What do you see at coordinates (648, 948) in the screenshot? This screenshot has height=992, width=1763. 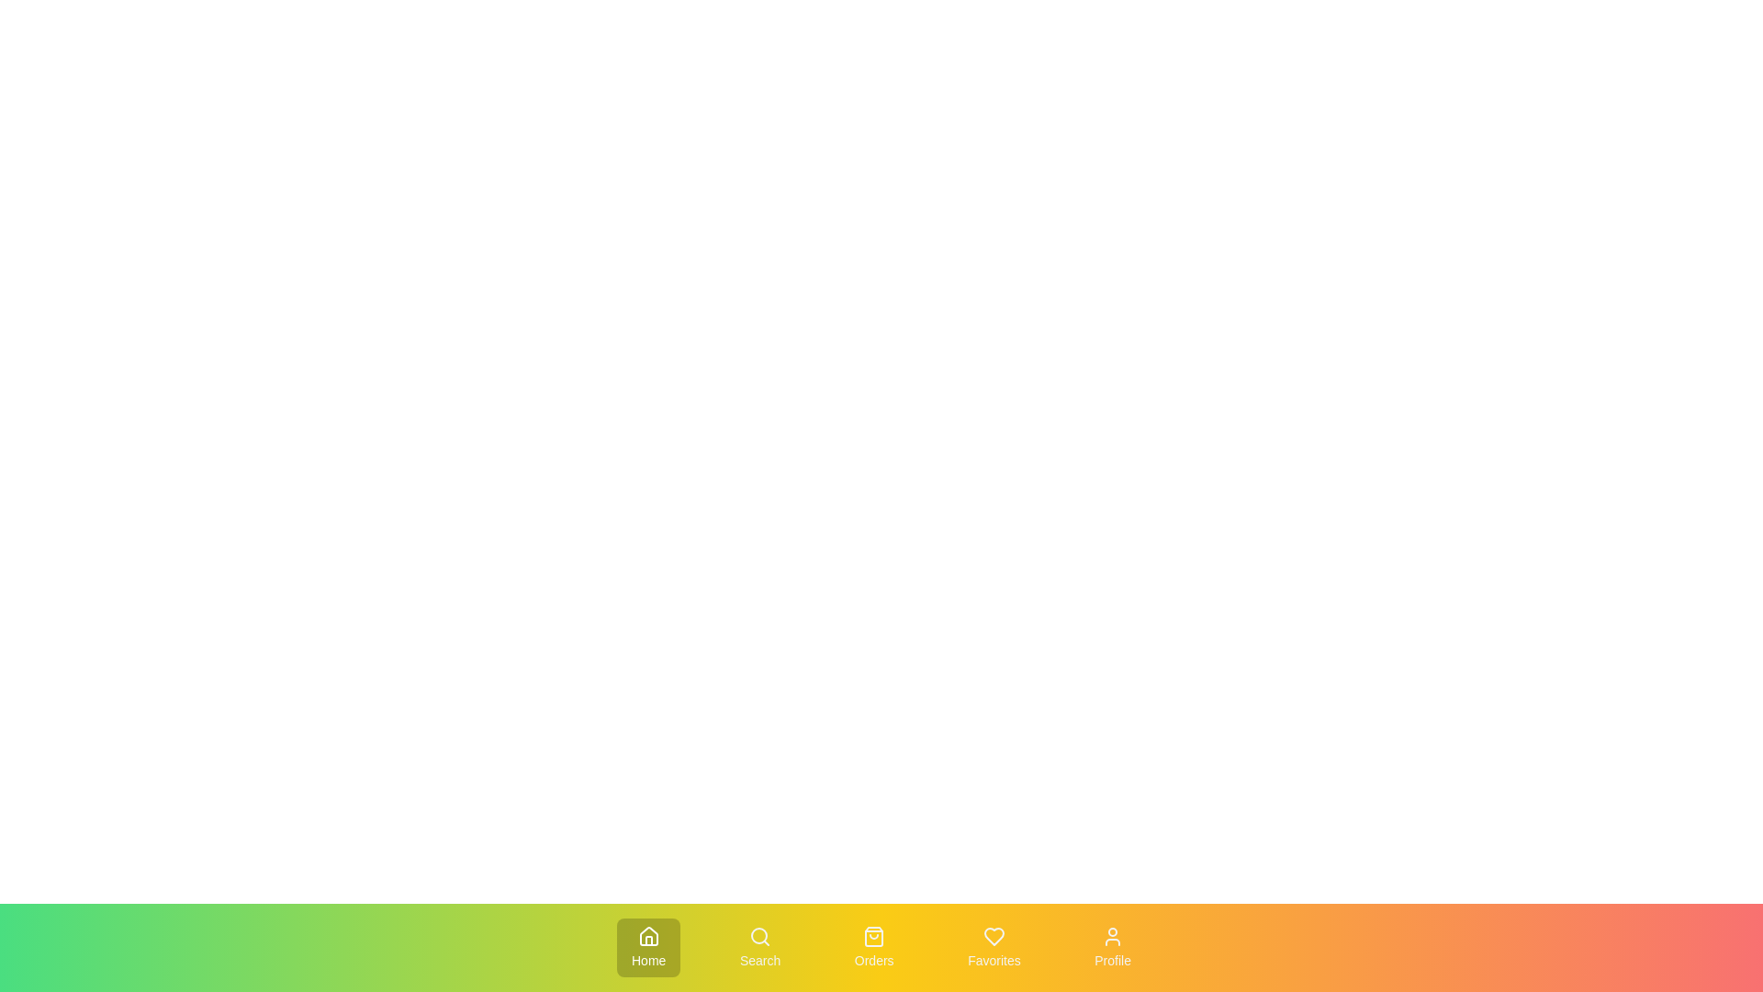 I see `the Home tab to observe the hover effect` at bounding box center [648, 948].